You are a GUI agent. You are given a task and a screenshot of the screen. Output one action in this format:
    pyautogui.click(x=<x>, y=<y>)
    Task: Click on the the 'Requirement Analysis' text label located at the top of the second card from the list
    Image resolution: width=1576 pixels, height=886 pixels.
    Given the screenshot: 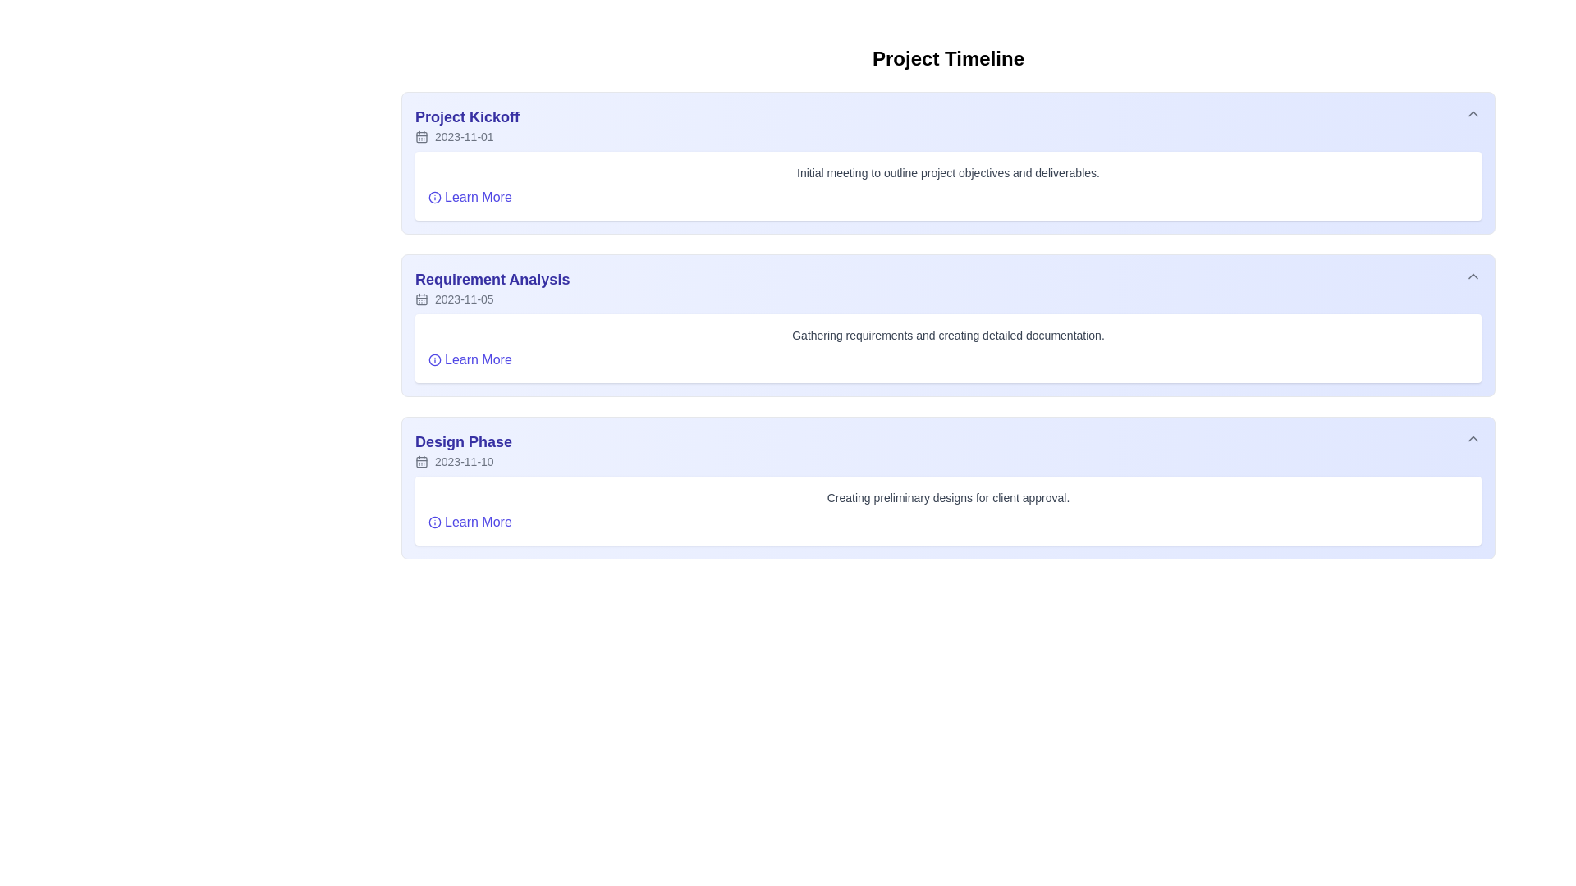 What is the action you would take?
    pyautogui.click(x=492, y=278)
    